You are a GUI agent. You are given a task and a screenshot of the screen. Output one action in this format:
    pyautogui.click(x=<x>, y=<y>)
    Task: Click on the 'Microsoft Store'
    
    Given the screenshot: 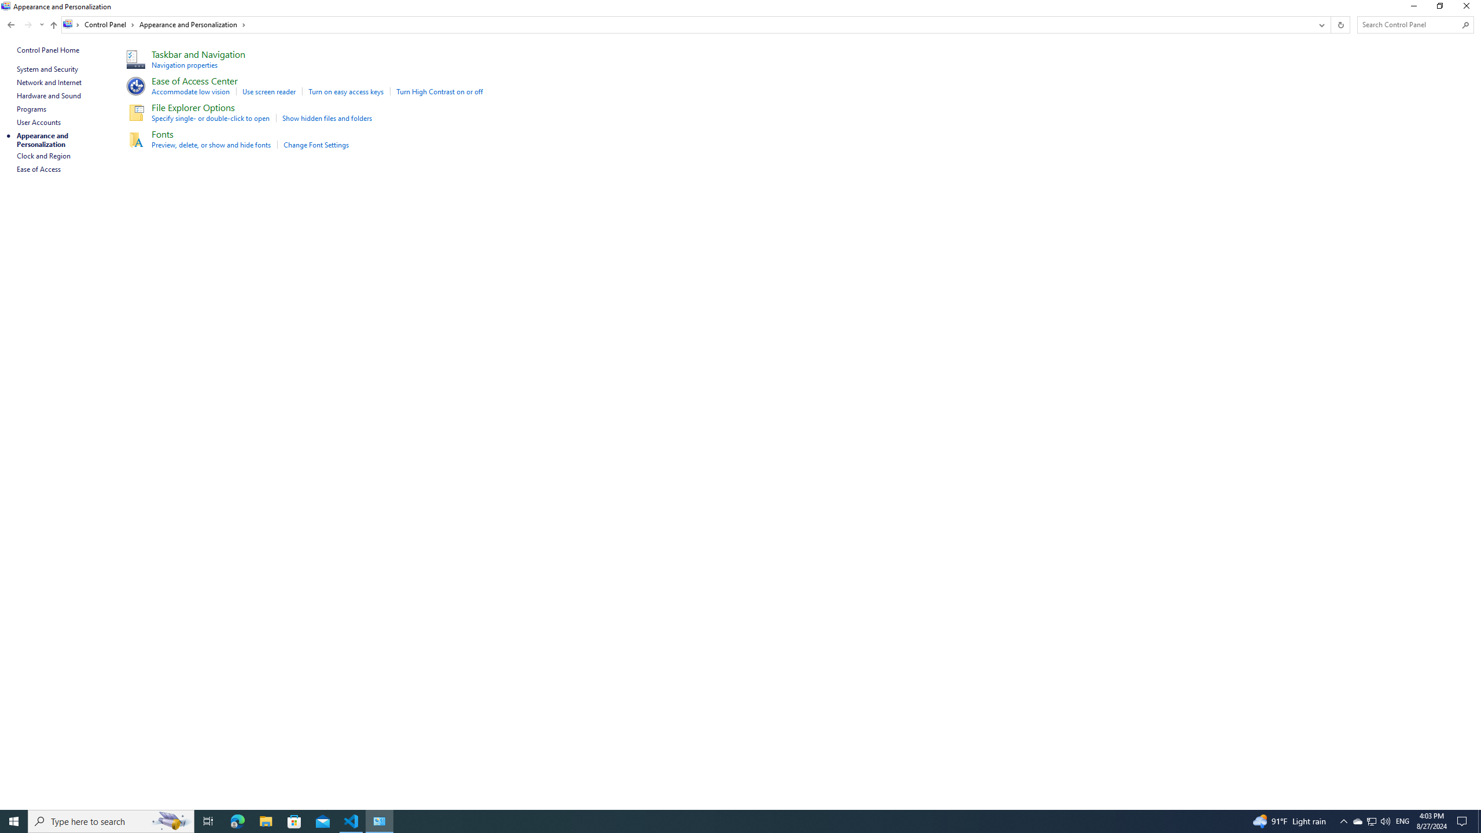 What is the action you would take?
    pyautogui.click(x=294, y=820)
    